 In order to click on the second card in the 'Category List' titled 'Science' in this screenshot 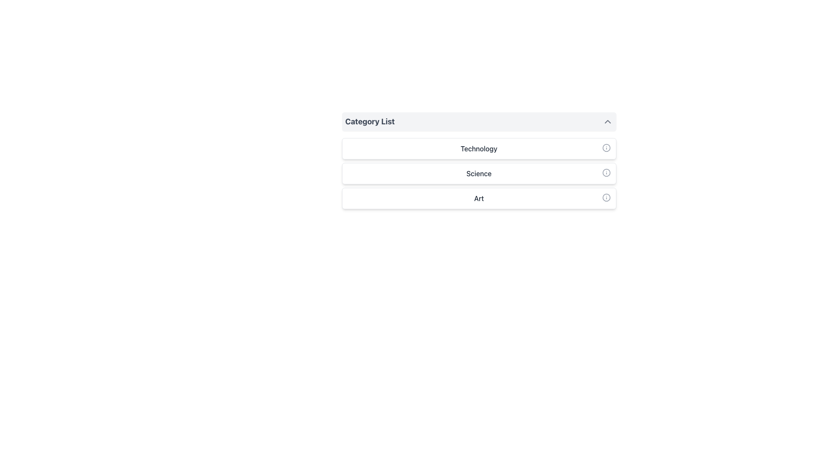, I will do `click(478, 174)`.